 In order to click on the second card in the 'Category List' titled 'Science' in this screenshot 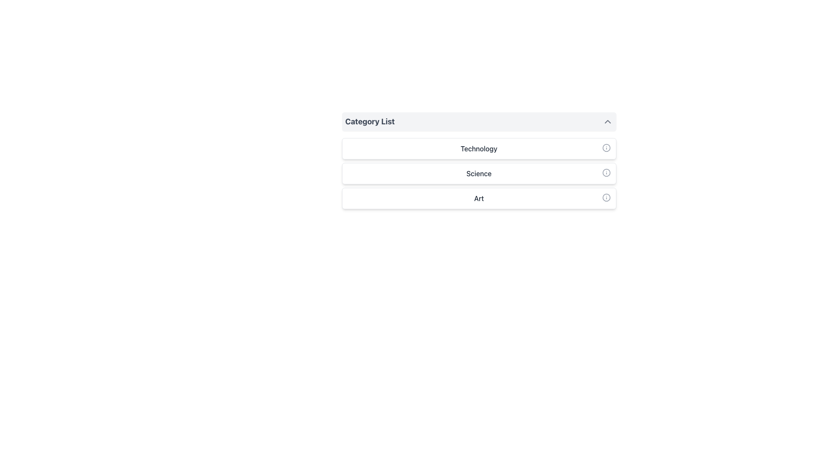, I will do `click(478, 174)`.